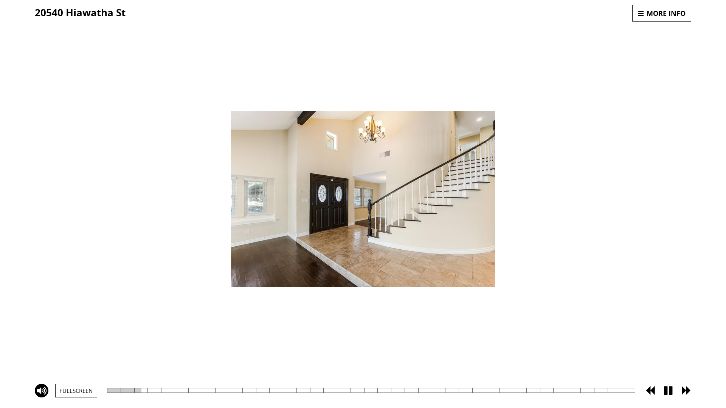 This screenshot has height=408, width=726. What do you see at coordinates (661, 13) in the screenshot?
I see `'MORE INFO'` at bounding box center [661, 13].